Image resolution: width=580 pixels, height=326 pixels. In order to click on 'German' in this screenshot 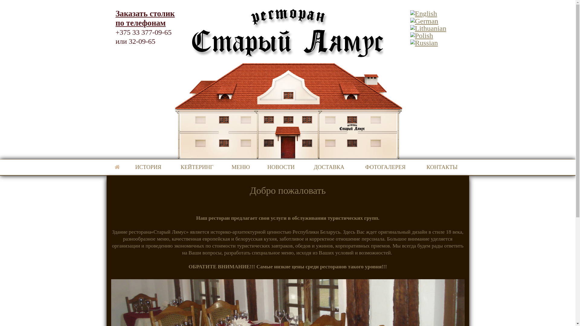, I will do `click(424, 20)`.